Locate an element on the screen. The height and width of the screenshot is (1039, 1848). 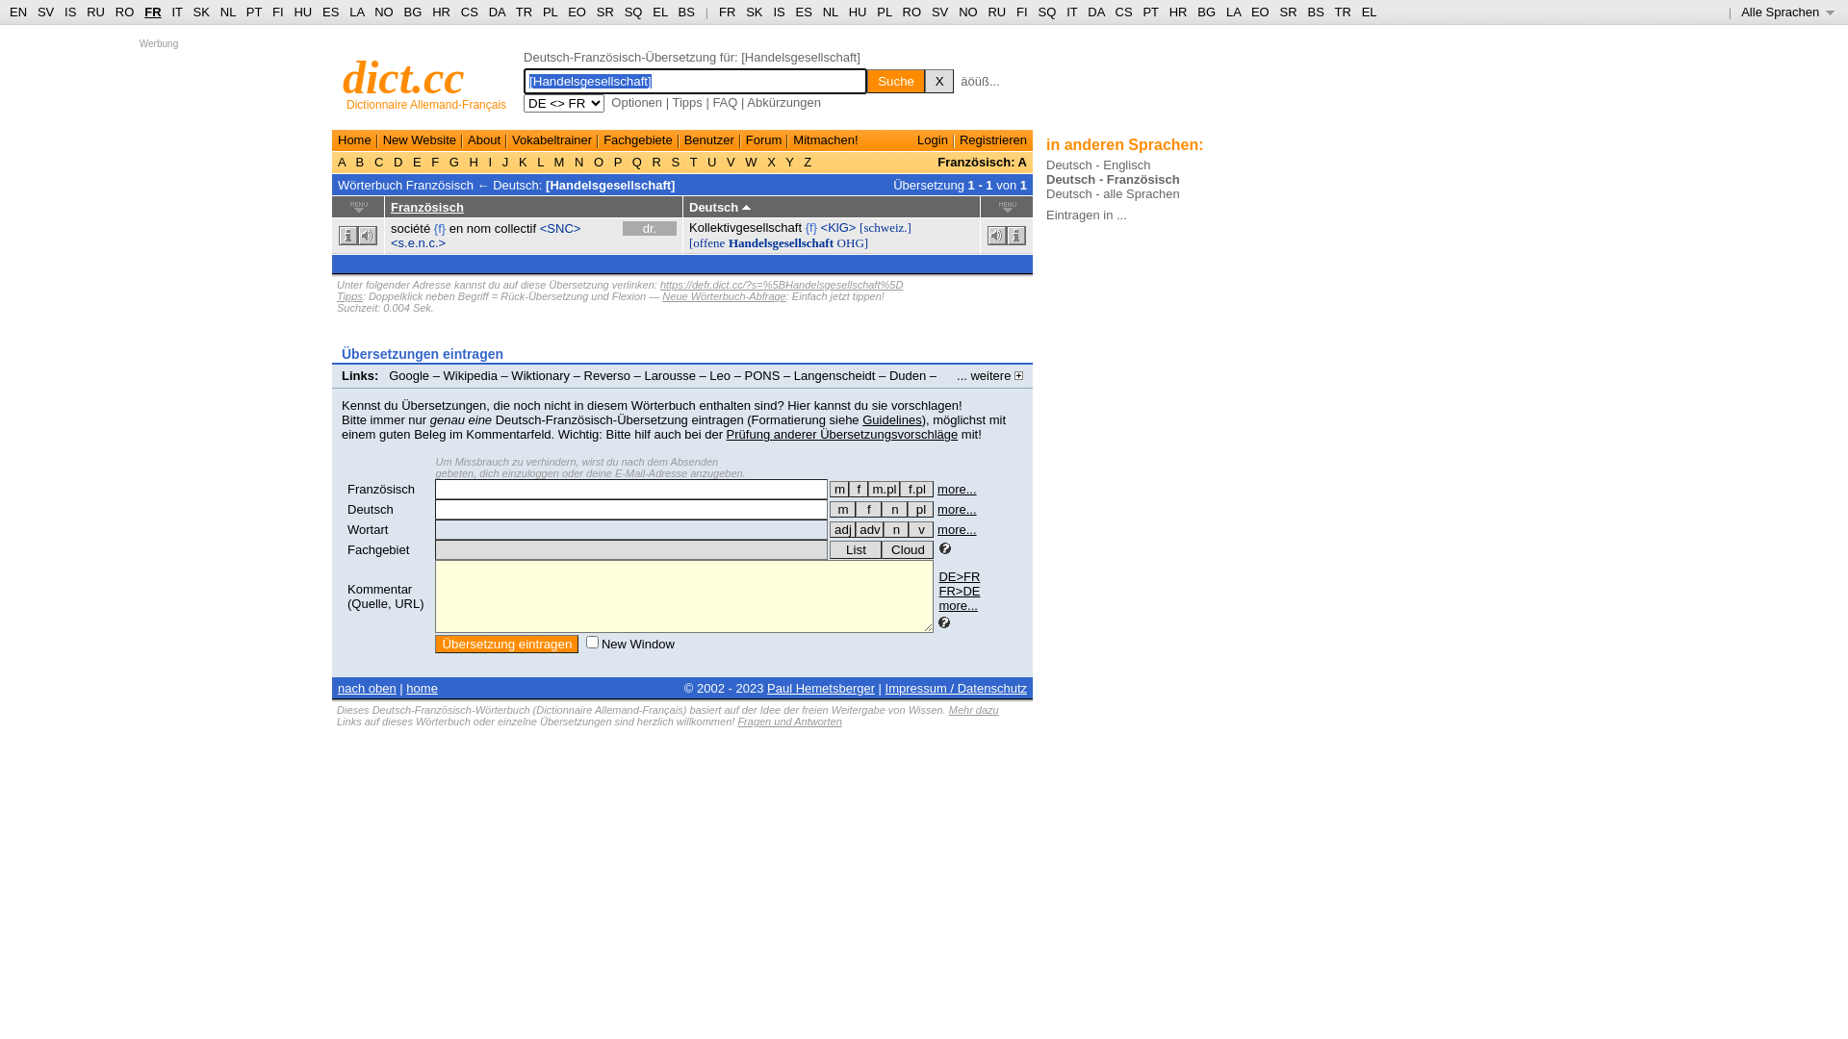
'CS' is located at coordinates (470, 12).